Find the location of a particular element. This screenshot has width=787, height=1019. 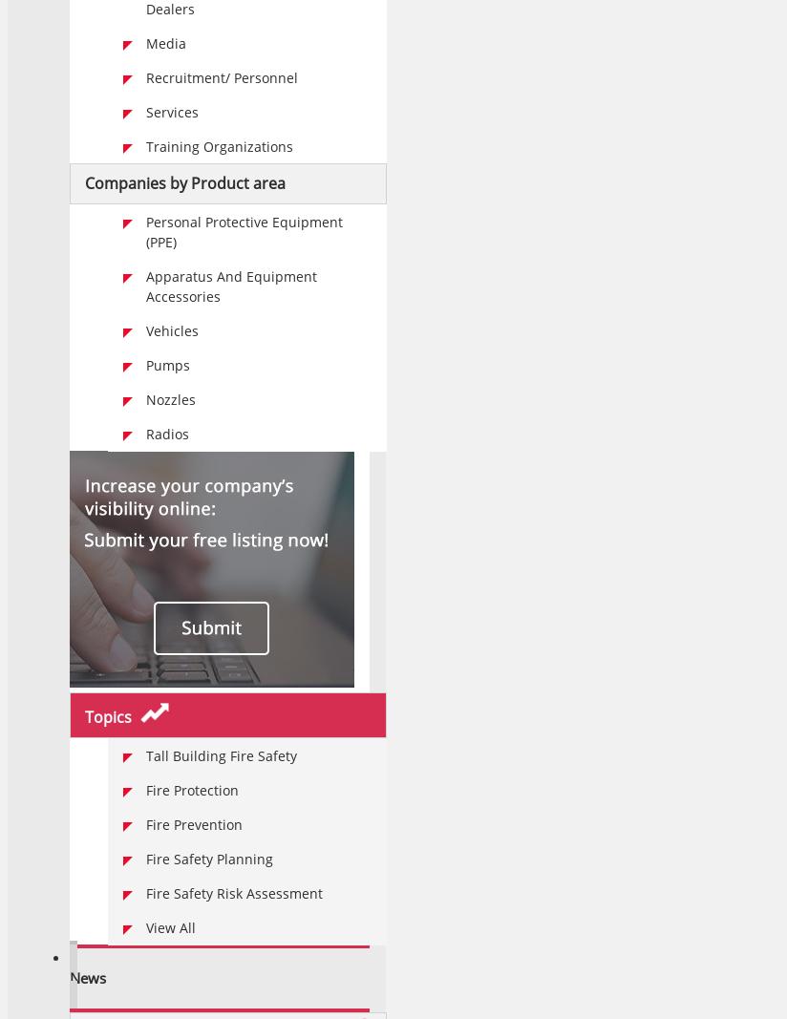

'Radios' is located at coordinates (167, 433).